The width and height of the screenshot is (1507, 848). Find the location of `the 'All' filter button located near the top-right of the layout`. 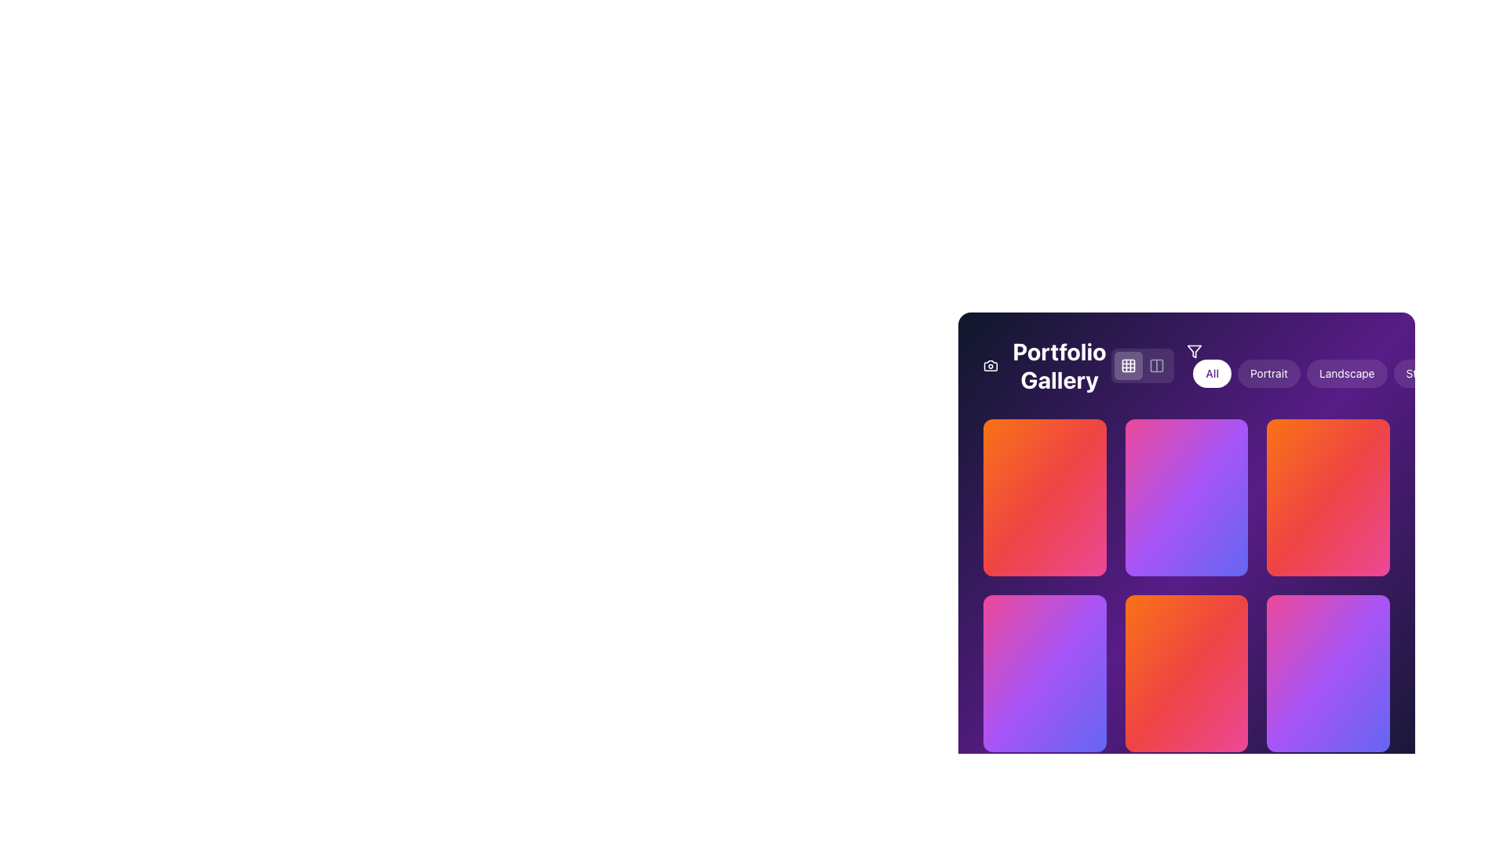

the 'All' filter button located near the top-right of the layout is located at coordinates (1211, 373).